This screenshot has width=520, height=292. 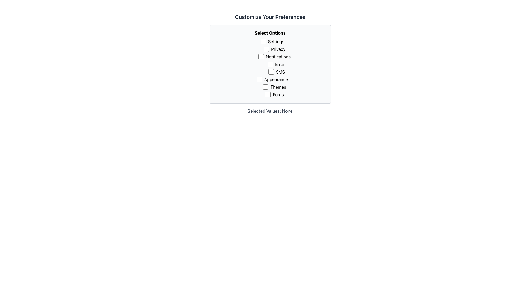 What do you see at coordinates (271, 72) in the screenshot?
I see `the 'SMS' notification preference checkbox` at bounding box center [271, 72].